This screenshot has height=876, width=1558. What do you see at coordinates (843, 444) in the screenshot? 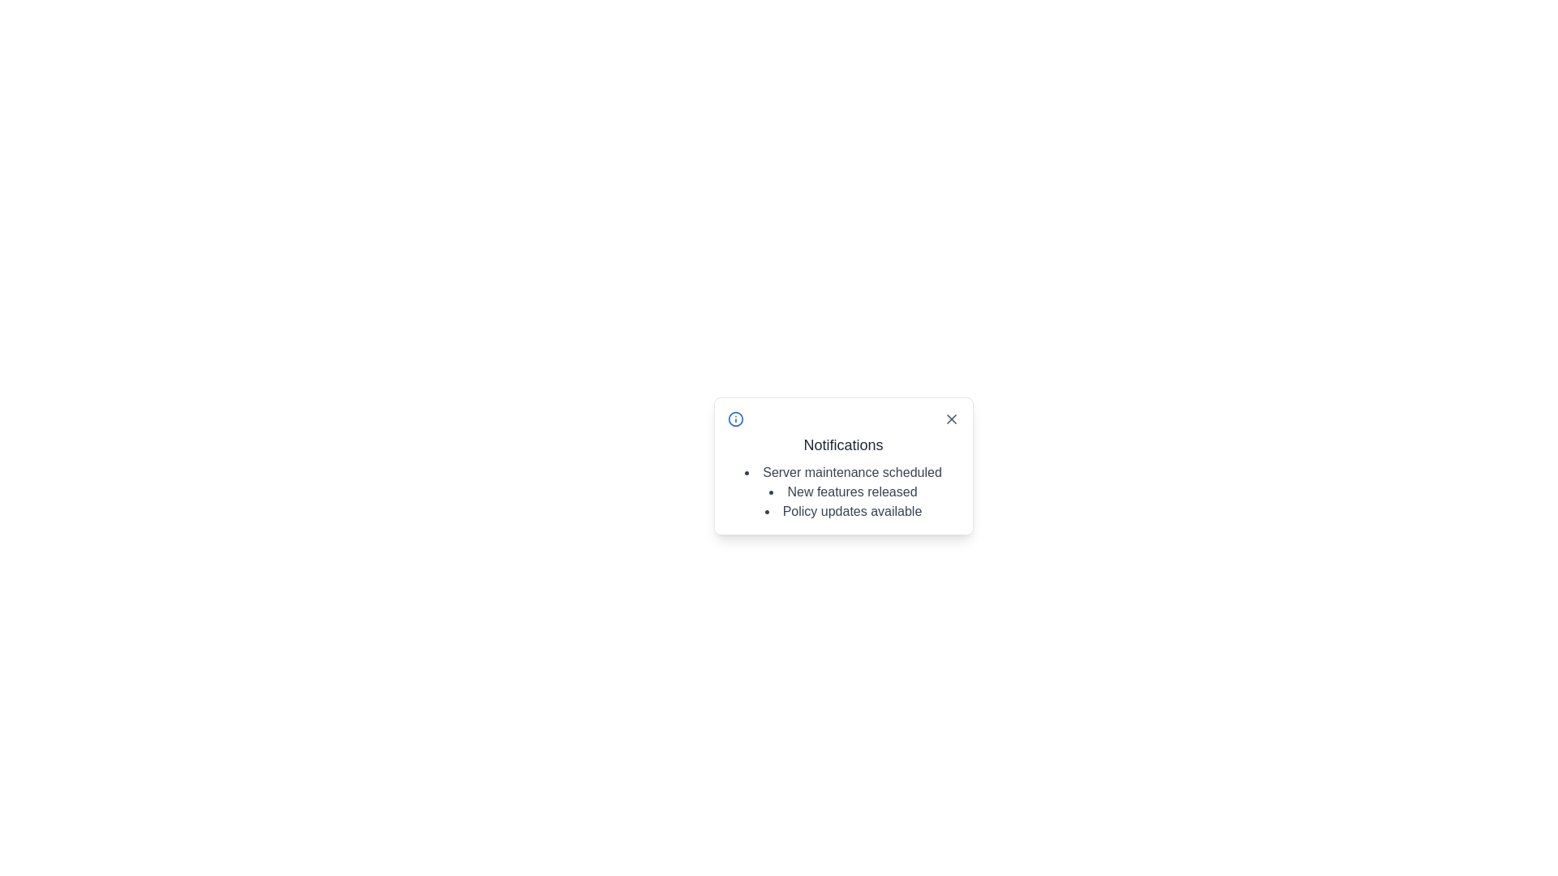
I see `the title or header text element at the top of the notification panel, which clearly separates itself from the list of notifications below` at bounding box center [843, 444].